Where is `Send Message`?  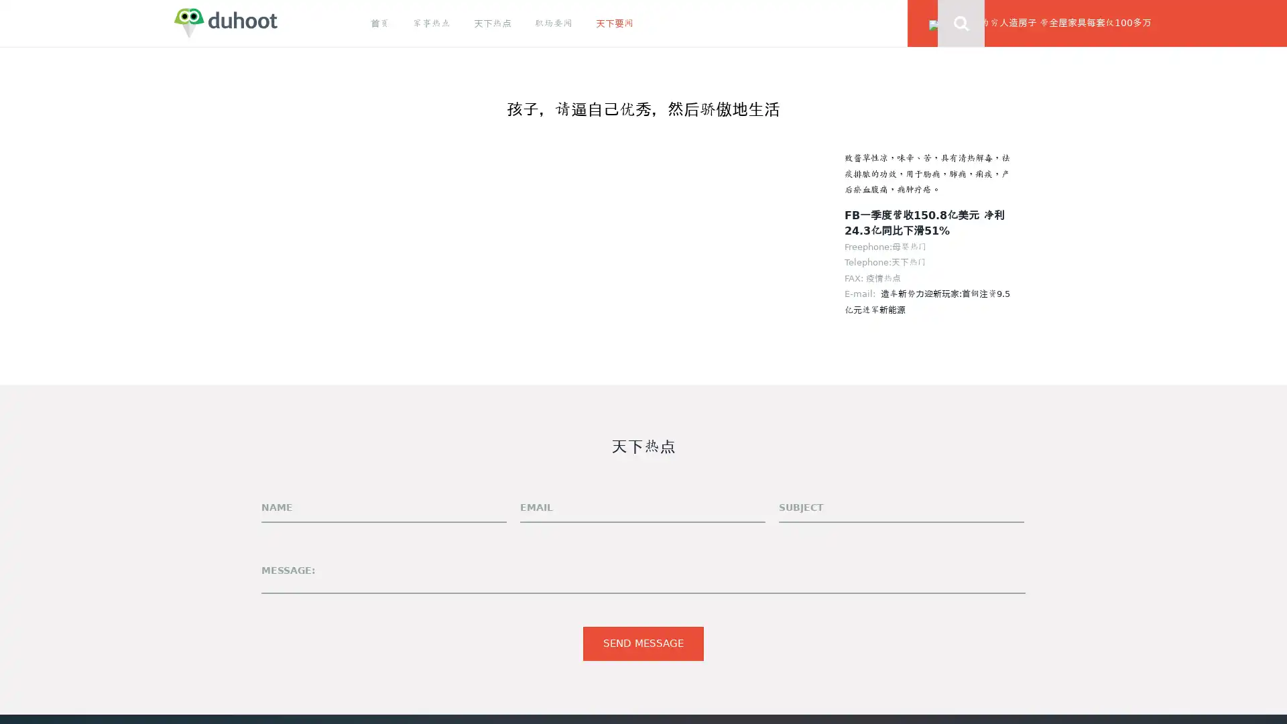 Send Message is located at coordinates (643, 643).